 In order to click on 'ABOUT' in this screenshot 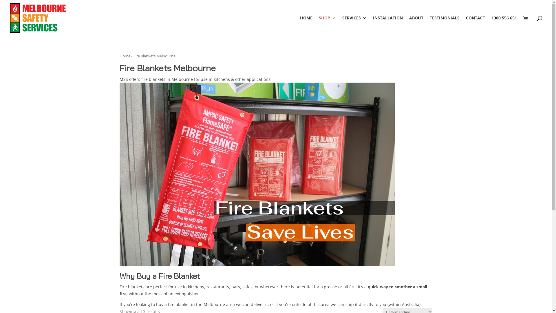, I will do `click(416, 26)`.